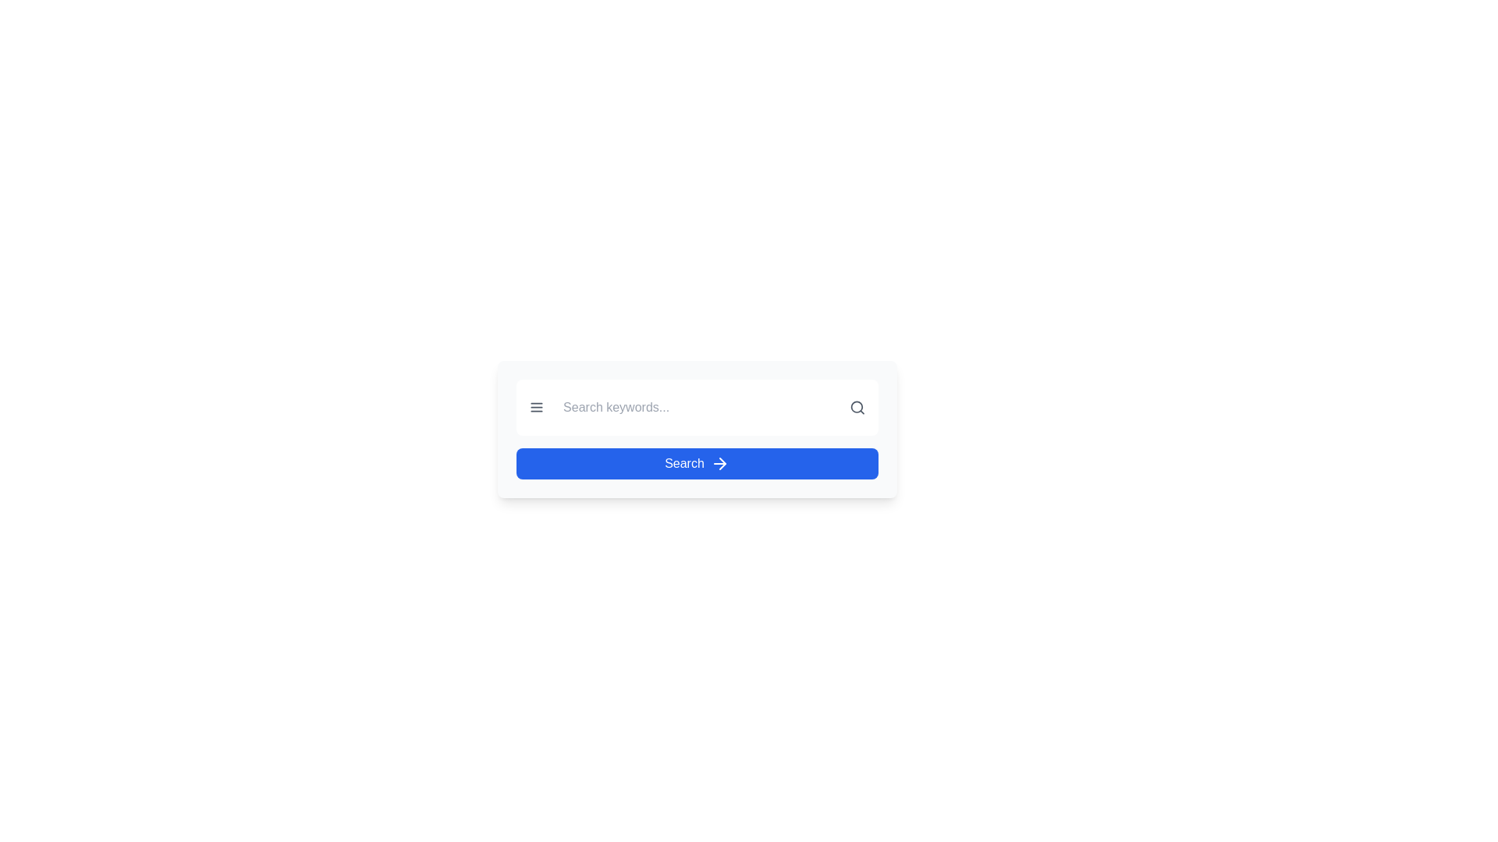 The height and width of the screenshot is (842, 1498). What do you see at coordinates (857, 407) in the screenshot?
I see `the gray magnifying glass icon located at the far right side of the search bar` at bounding box center [857, 407].